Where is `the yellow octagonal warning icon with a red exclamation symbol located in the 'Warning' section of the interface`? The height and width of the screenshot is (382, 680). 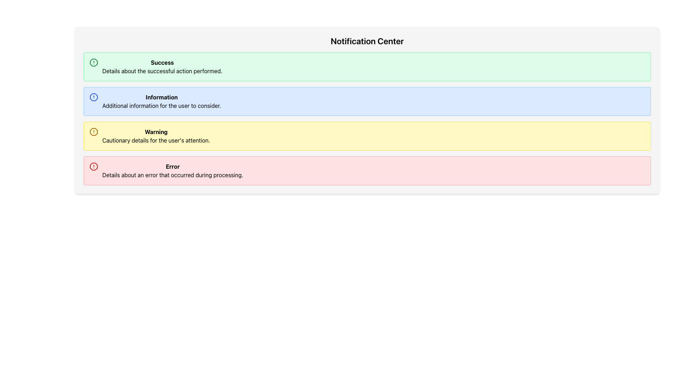
the yellow octagonal warning icon with a red exclamation symbol located in the 'Warning' section of the interface is located at coordinates (93, 132).